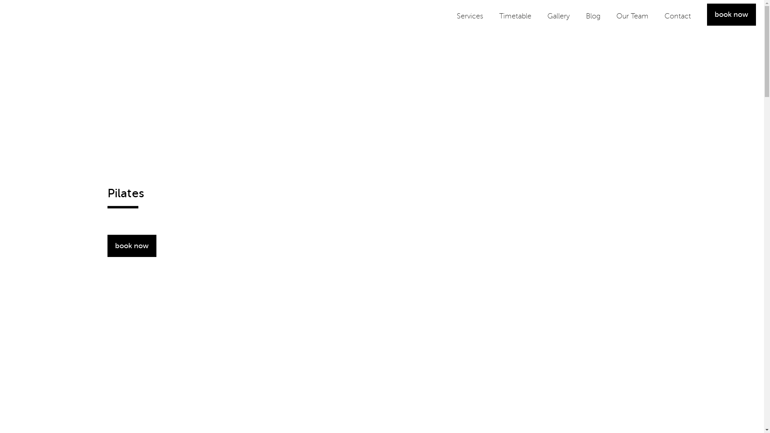  What do you see at coordinates (470, 17) in the screenshot?
I see `'Services'` at bounding box center [470, 17].